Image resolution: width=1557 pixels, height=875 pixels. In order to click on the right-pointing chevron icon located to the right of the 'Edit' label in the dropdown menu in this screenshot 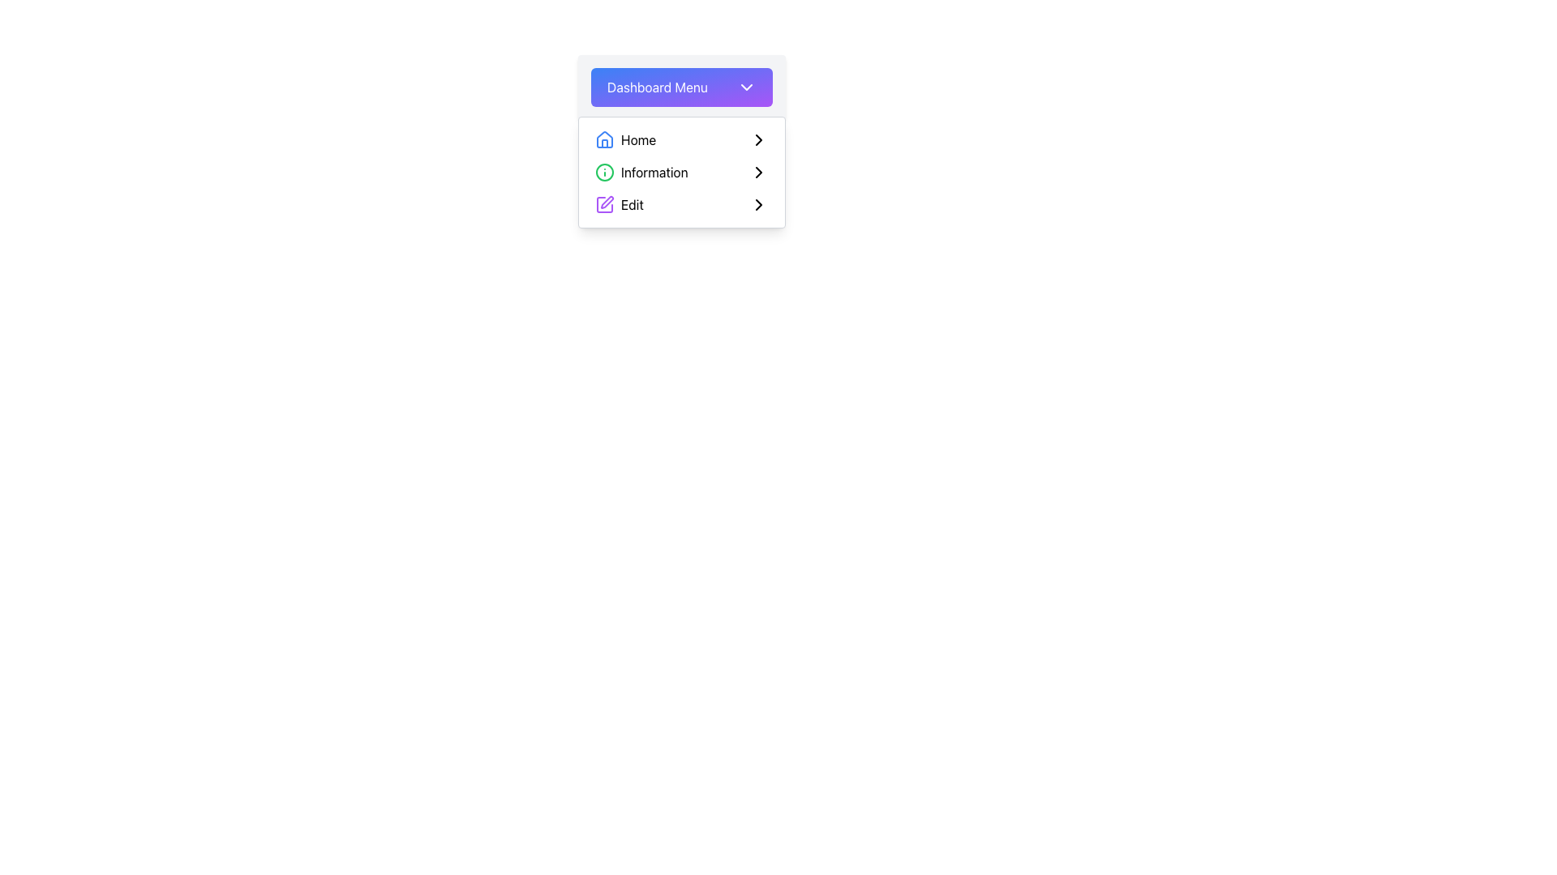, I will do `click(758, 204)`.